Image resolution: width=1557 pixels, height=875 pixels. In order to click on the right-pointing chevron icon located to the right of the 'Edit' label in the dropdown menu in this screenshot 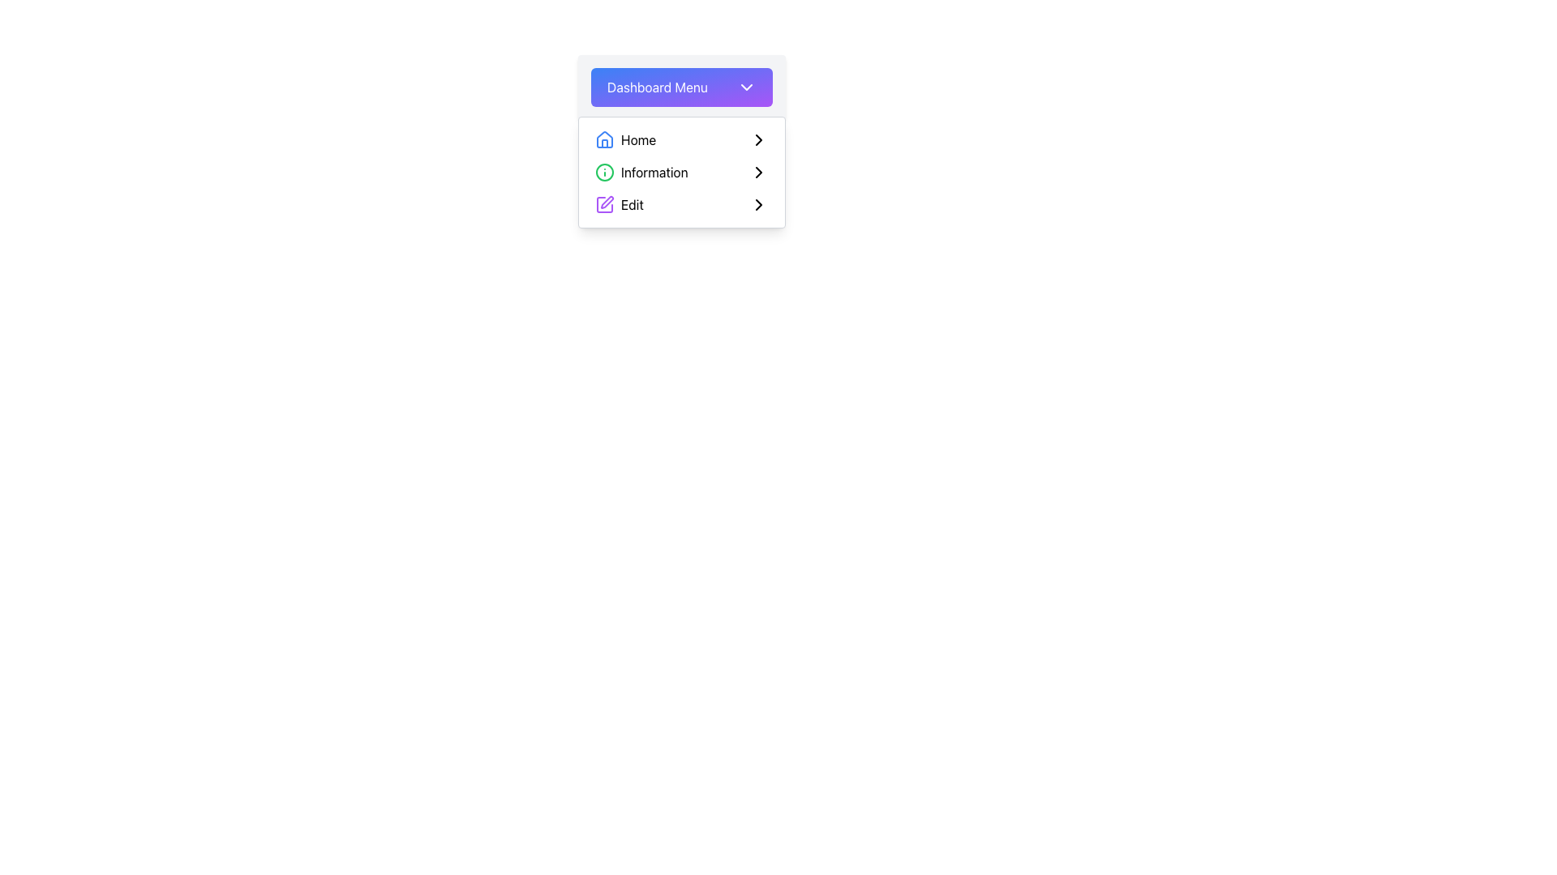, I will do `click(758, 204)`.